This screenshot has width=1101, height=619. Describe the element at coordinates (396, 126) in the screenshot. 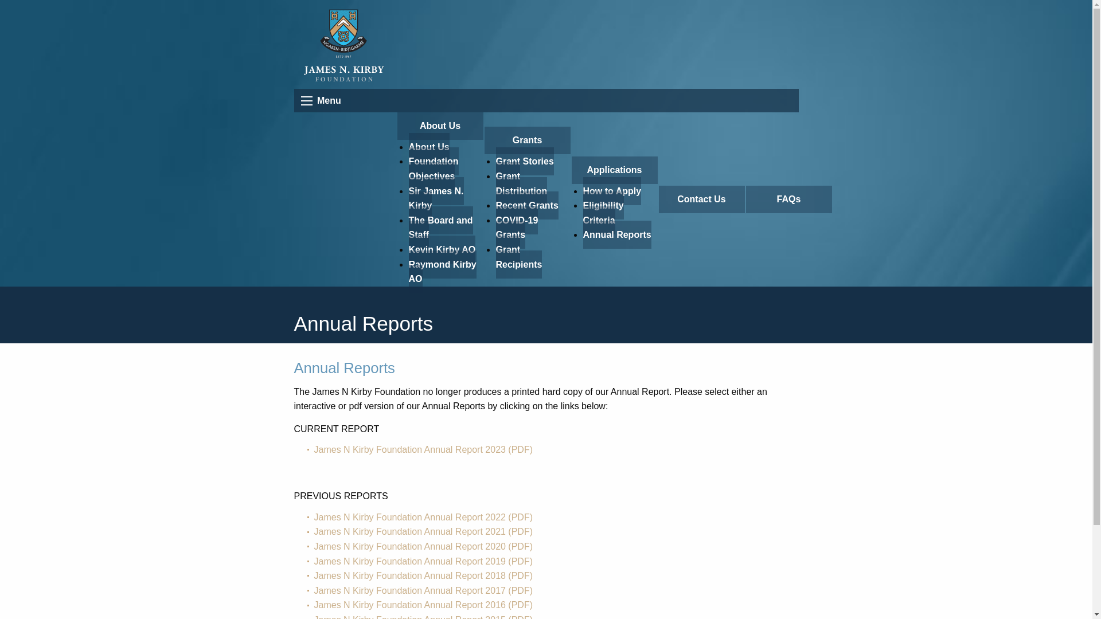

I see `'About Us'` at that location.